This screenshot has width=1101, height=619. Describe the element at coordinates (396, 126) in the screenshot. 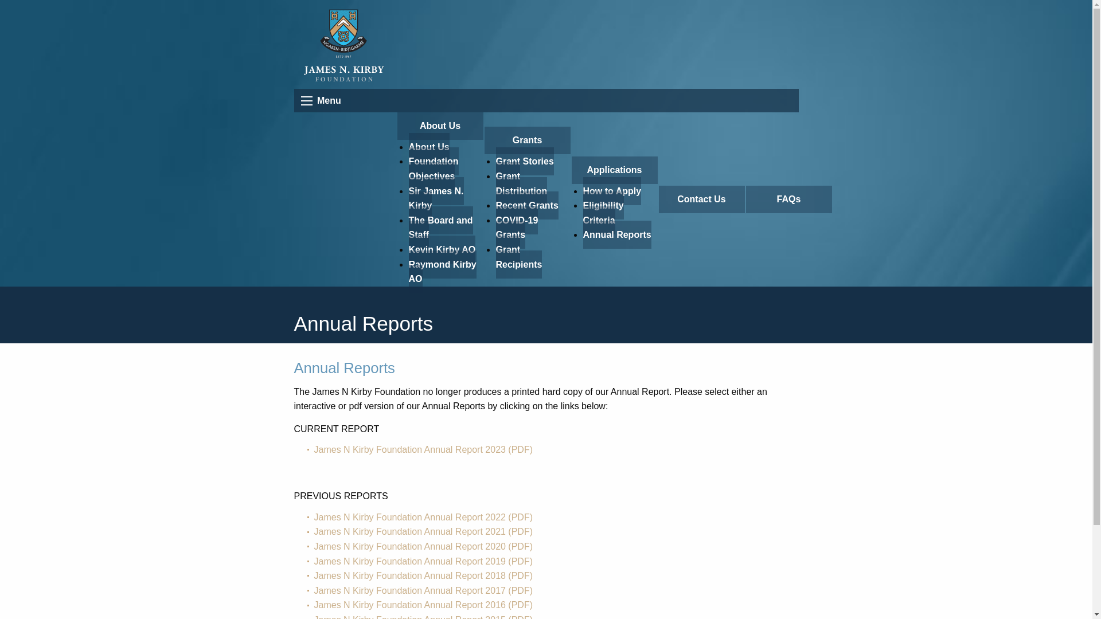

I see `'About Us'` at that location.